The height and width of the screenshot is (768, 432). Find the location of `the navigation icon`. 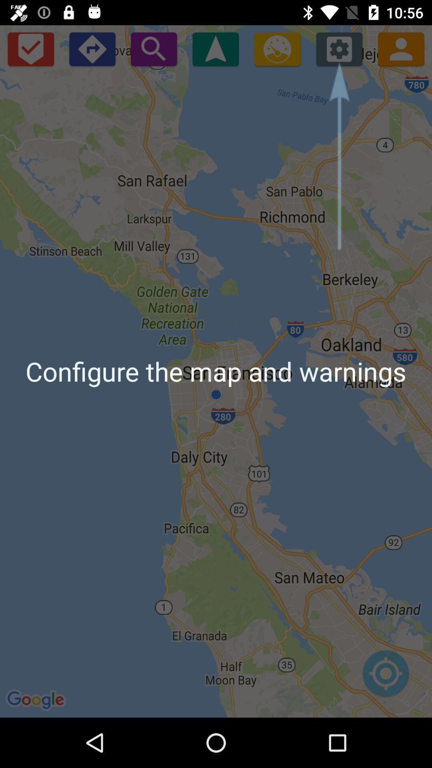

the navigation icon is located at coordinates (215, 48).